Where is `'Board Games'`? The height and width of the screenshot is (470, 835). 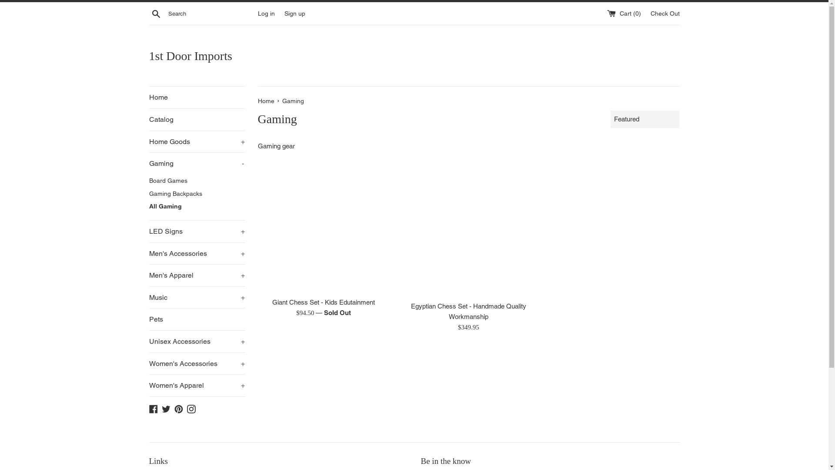
'Board Games' is located at coordinates (196, 181).